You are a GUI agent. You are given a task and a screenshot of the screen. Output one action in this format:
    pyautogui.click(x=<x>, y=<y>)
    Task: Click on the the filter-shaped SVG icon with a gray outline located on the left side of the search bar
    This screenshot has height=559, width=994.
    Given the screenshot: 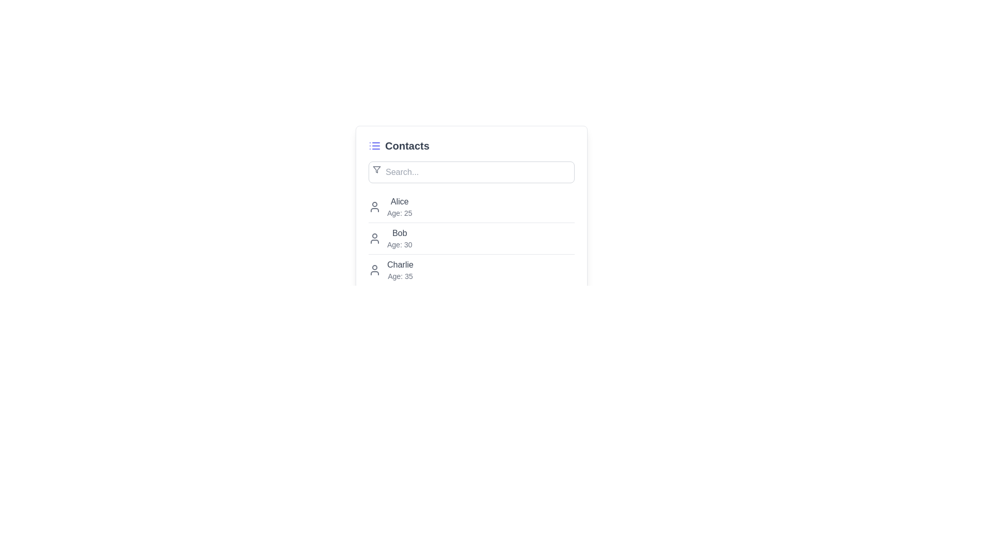 What is the action you would take?
    pyautogui.click(x=376, y=169)
    